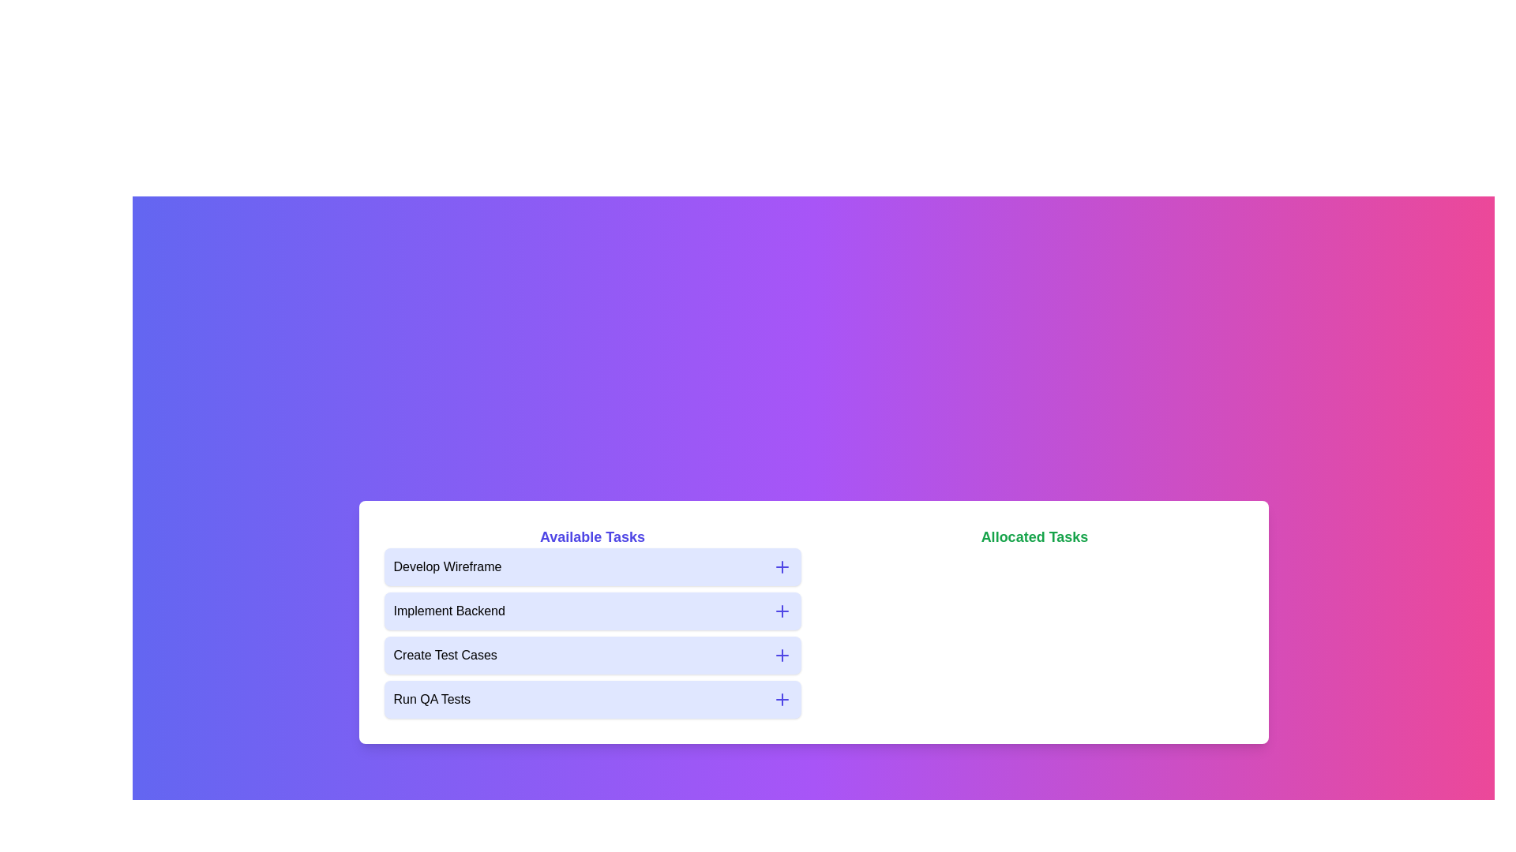 This screenshot has height=852, width=1516. Describe the element at coordinates (782, 611) in the screenshot. I see `'+' icon next to the task 'Implement Backend' in the 'Available Tasks' list to allocate it` at that location.